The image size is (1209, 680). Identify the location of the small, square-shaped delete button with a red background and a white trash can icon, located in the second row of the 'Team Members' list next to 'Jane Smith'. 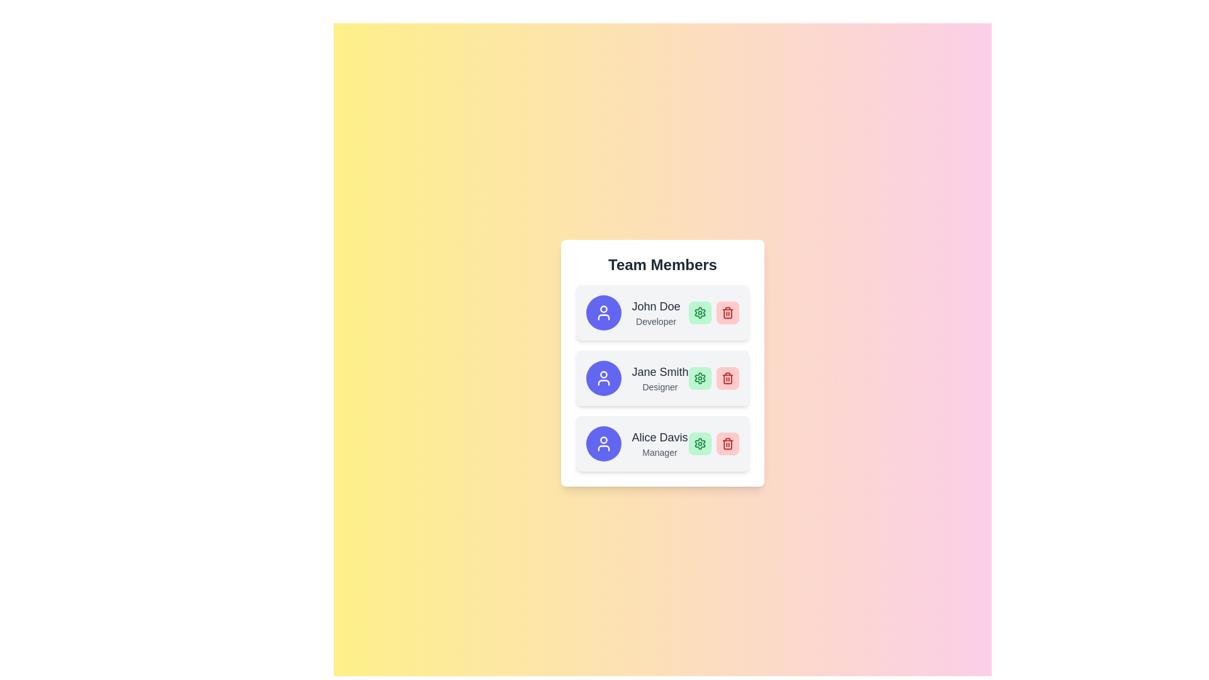
(727, 378).